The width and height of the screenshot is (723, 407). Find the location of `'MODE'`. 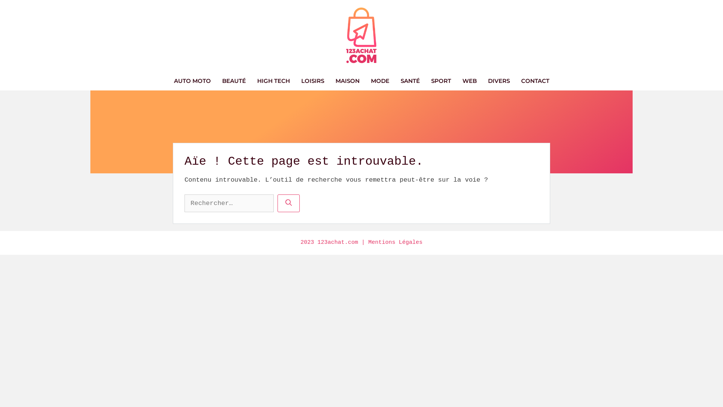

'MODE' is located at coordinates (380, 81).